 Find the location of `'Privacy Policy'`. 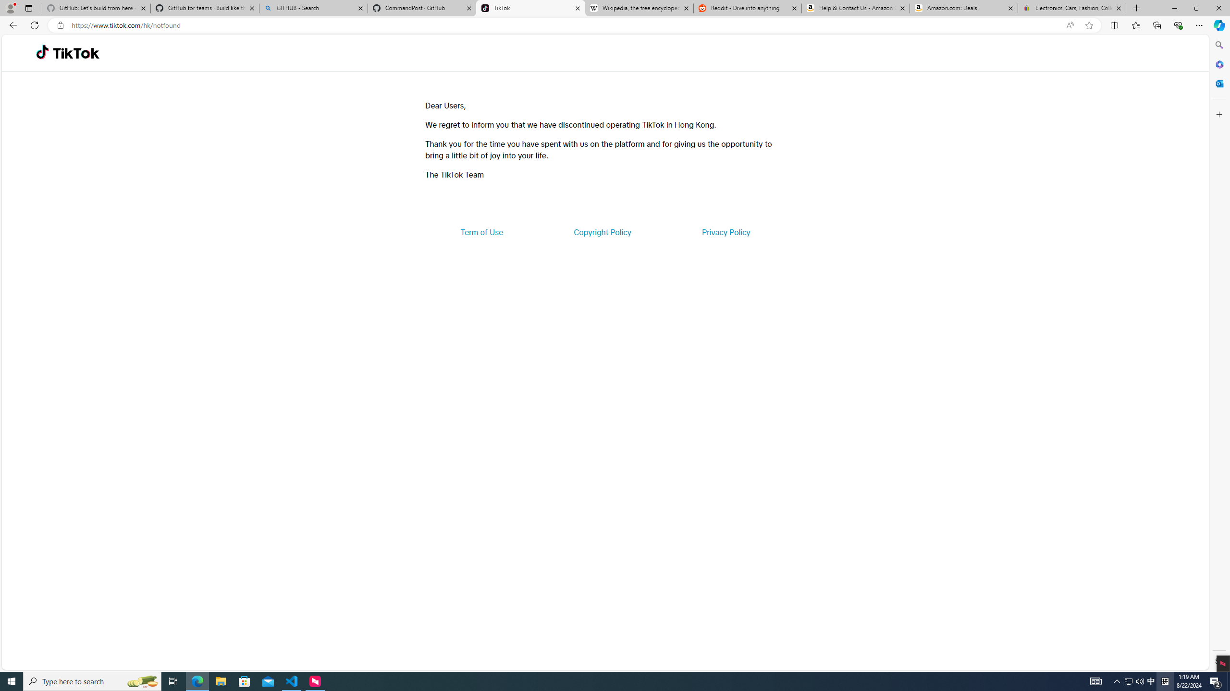

'Privacy Policy' is located at coordinates (725, 231).